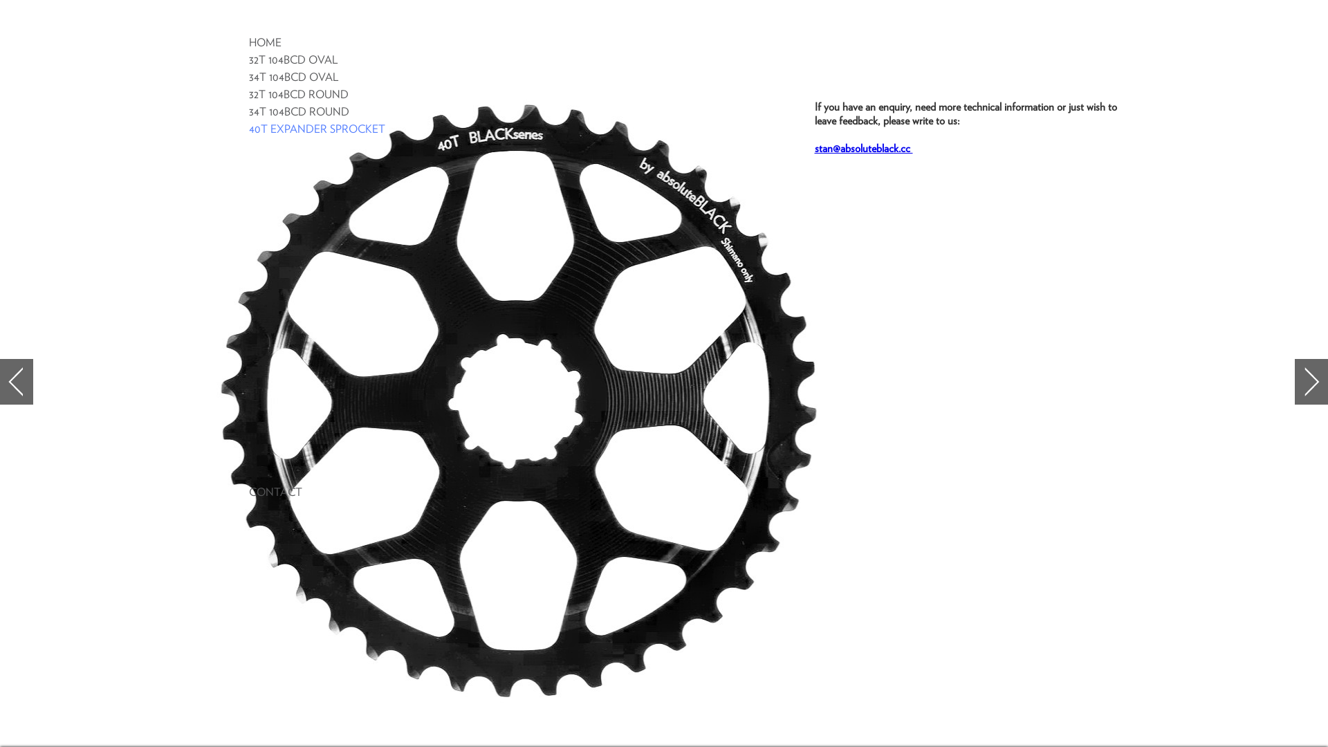 The image size is (1328, 747). What do you see at coordinates (265, 41) in the screenshot?
I see `'HOME'` at bounding box center [265, 41].